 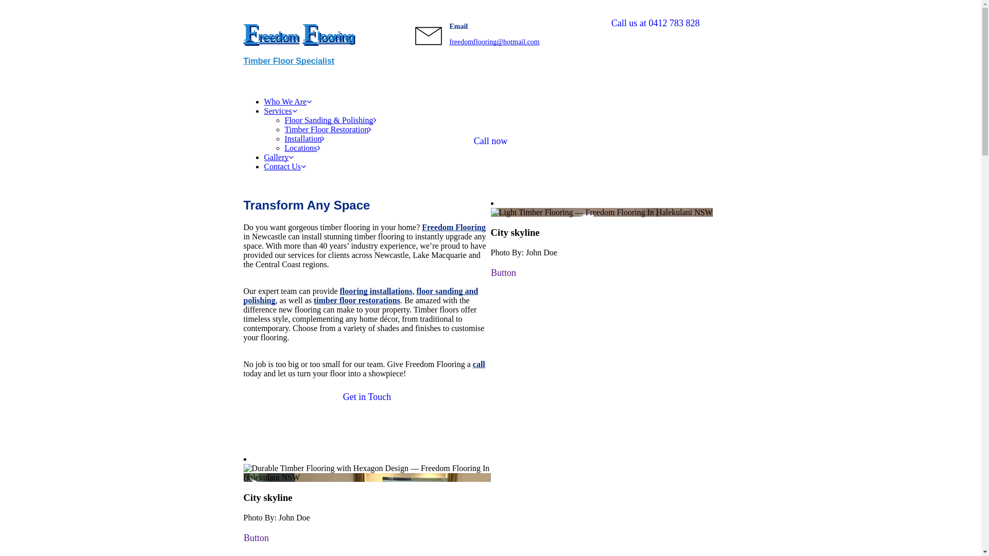 I want to click on 'freedomflooring@hotmail.com', so click(x=493, y=41).